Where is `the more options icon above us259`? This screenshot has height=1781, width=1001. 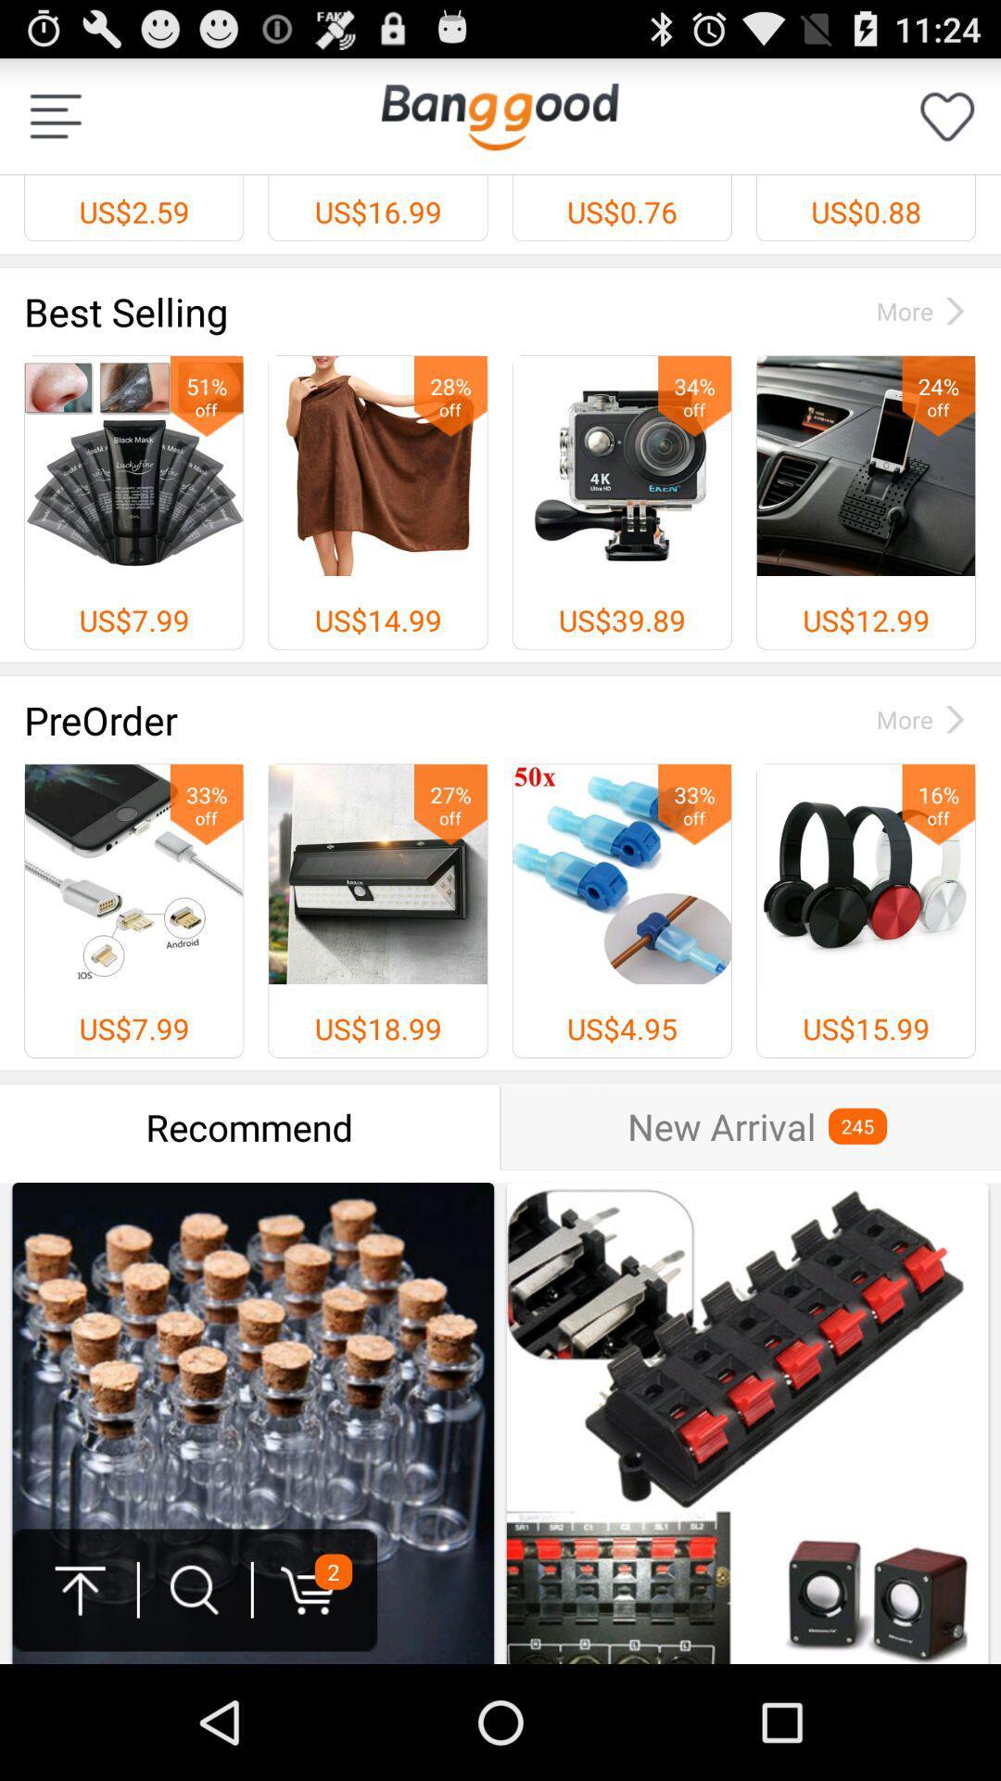 the more options icon above us259 is located at coordinates (55, 115).